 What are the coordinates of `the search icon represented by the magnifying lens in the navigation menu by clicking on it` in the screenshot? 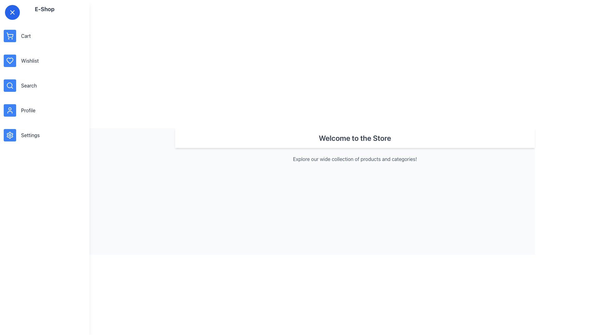 It's located at (9, 85).